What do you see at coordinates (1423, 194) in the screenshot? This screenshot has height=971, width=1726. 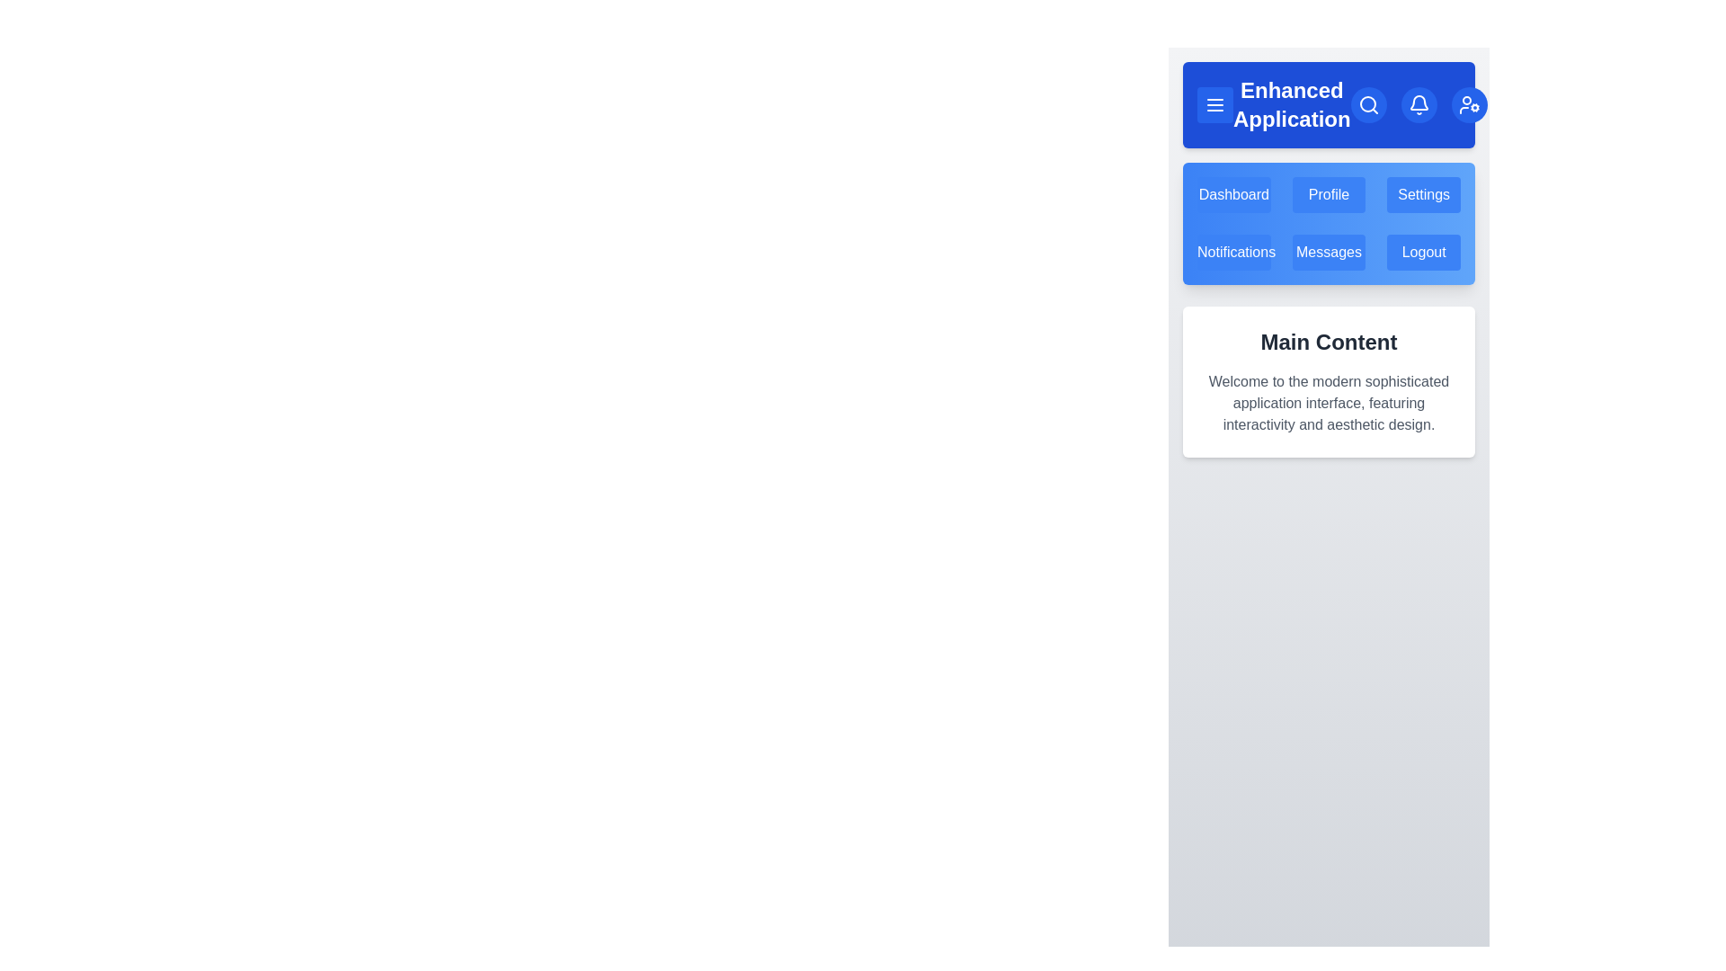 I see `the menu item Settings` at bounding box center [1423, 194].